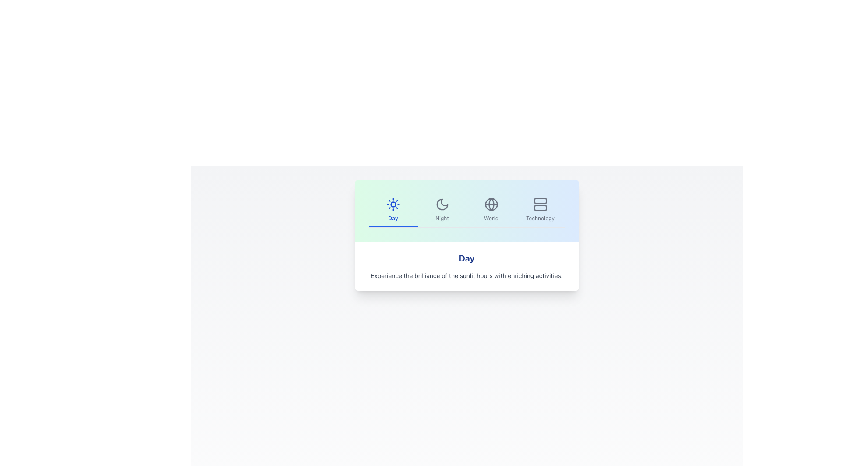 The image size is (841, 473). I want to click on the central circle of the sun icon, which is located at the leftmost side of the card's top row of icons, so click(392, 204).